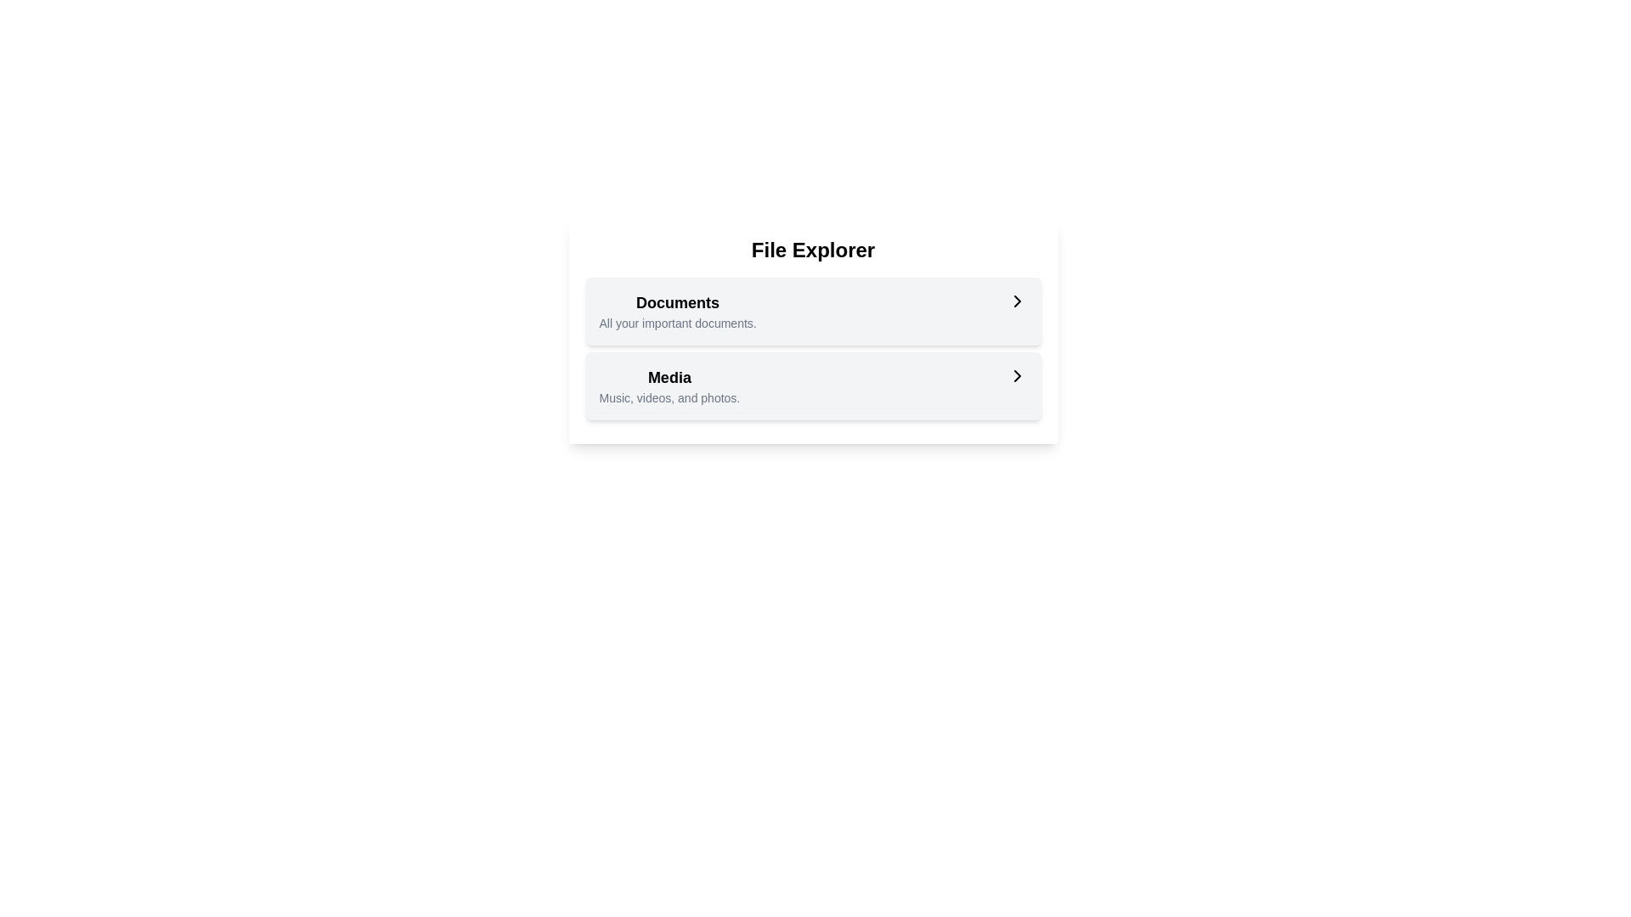 The height and width of the screenshot is (917, 1631). What do you see at coordinates (669, 386) in the screenshot?
I see `the selectable option for the media-related section, located below the 'Documents' section` at bounding box center [669, 386].